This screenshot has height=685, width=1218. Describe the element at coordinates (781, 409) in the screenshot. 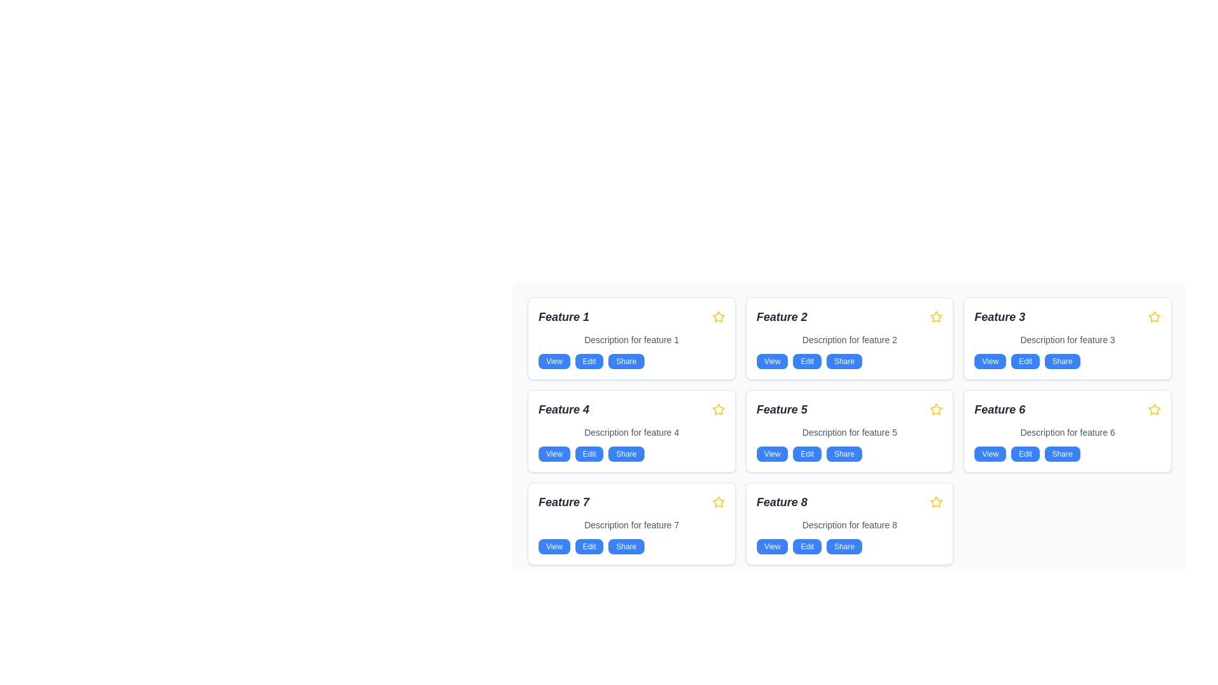

I see `the text label that displays 'Feature 5', styled in a large, italicized, bold font in dark gray color, located in the second column of the second row in the feature cards grid` at that location.